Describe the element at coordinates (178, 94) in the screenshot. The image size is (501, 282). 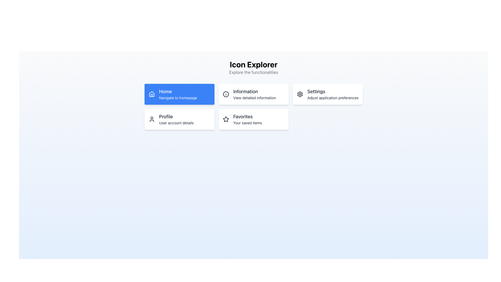
I see `the 'Home' button text content that indicates 'Navigate to homepage' located in the upper-left quadrant of the interface` at that location.